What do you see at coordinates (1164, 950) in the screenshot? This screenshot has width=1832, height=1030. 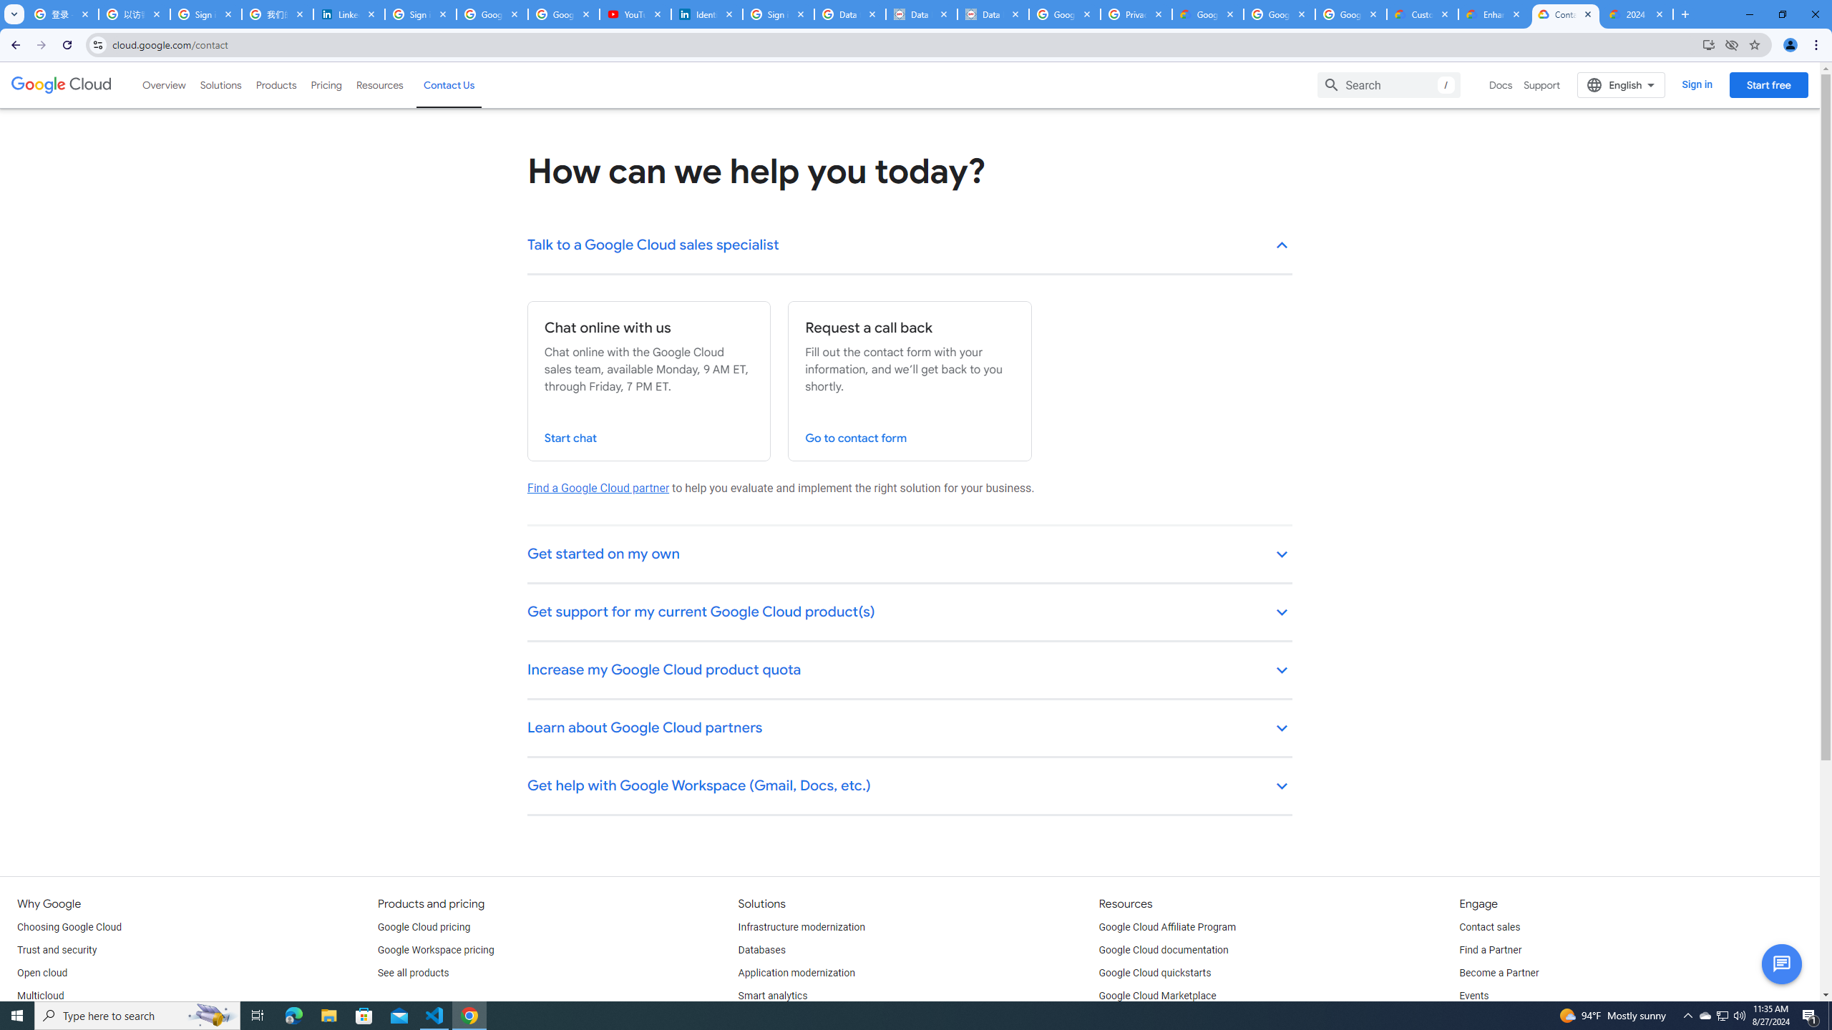 I see `'Google Cloud documentation'` at bounding box center [1164, 950].